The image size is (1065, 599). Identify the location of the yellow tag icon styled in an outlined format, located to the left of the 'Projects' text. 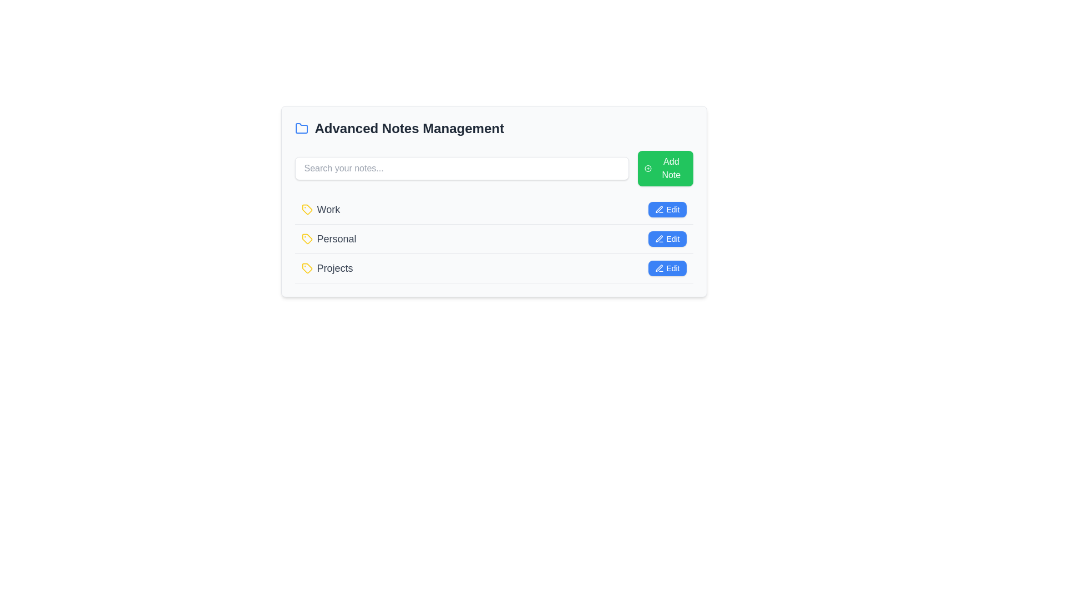
(307, 268).